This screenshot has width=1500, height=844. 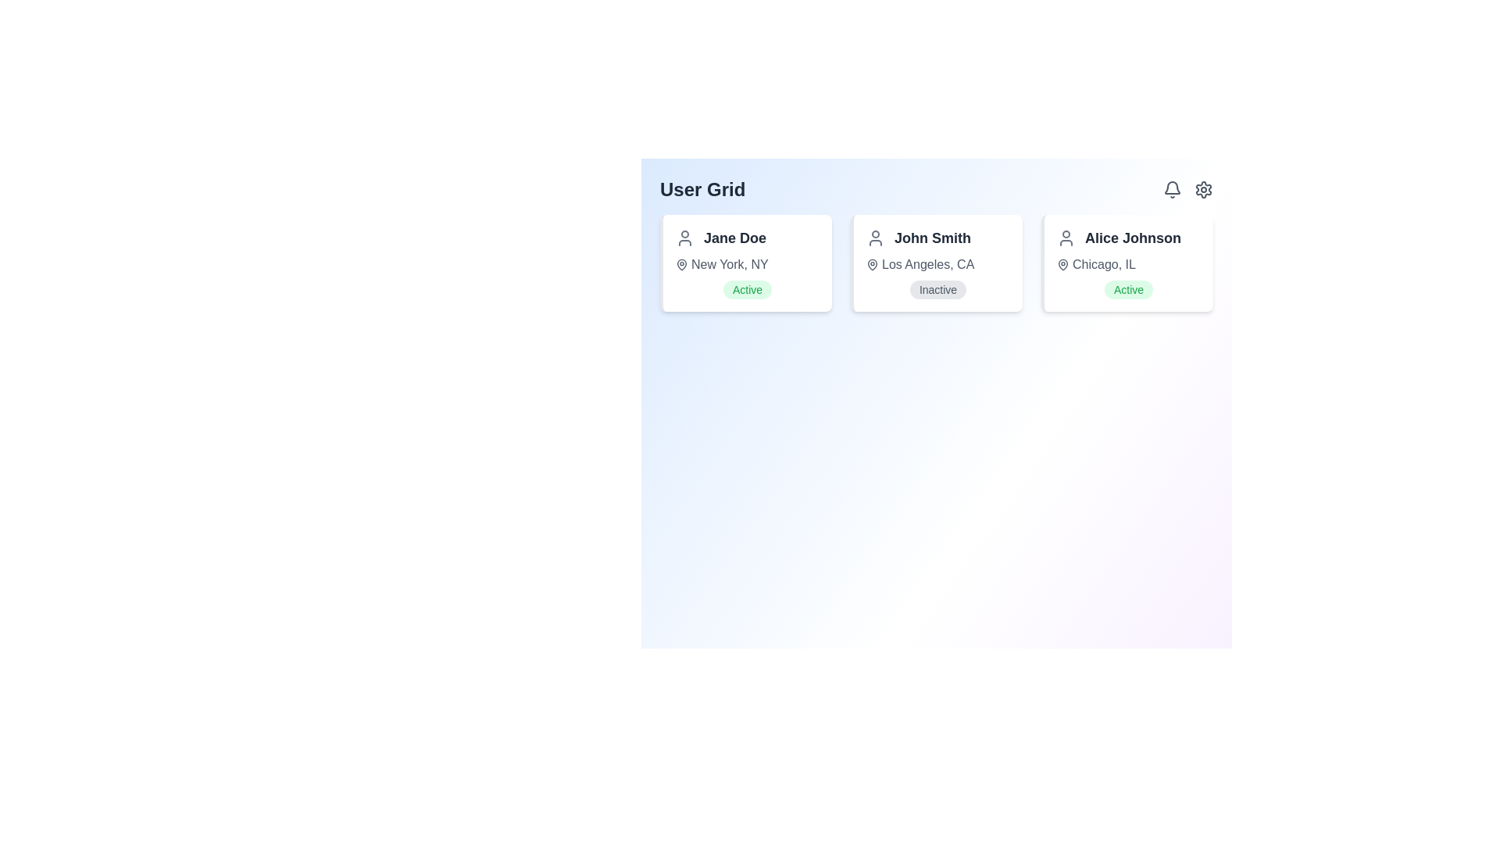 What do you see at coordinates (1202, 189) in the screenshot?
I see `the gear icon located in the top-right corner of the interface, adjacent to the bell icon` at bounding box center [1202, 189].